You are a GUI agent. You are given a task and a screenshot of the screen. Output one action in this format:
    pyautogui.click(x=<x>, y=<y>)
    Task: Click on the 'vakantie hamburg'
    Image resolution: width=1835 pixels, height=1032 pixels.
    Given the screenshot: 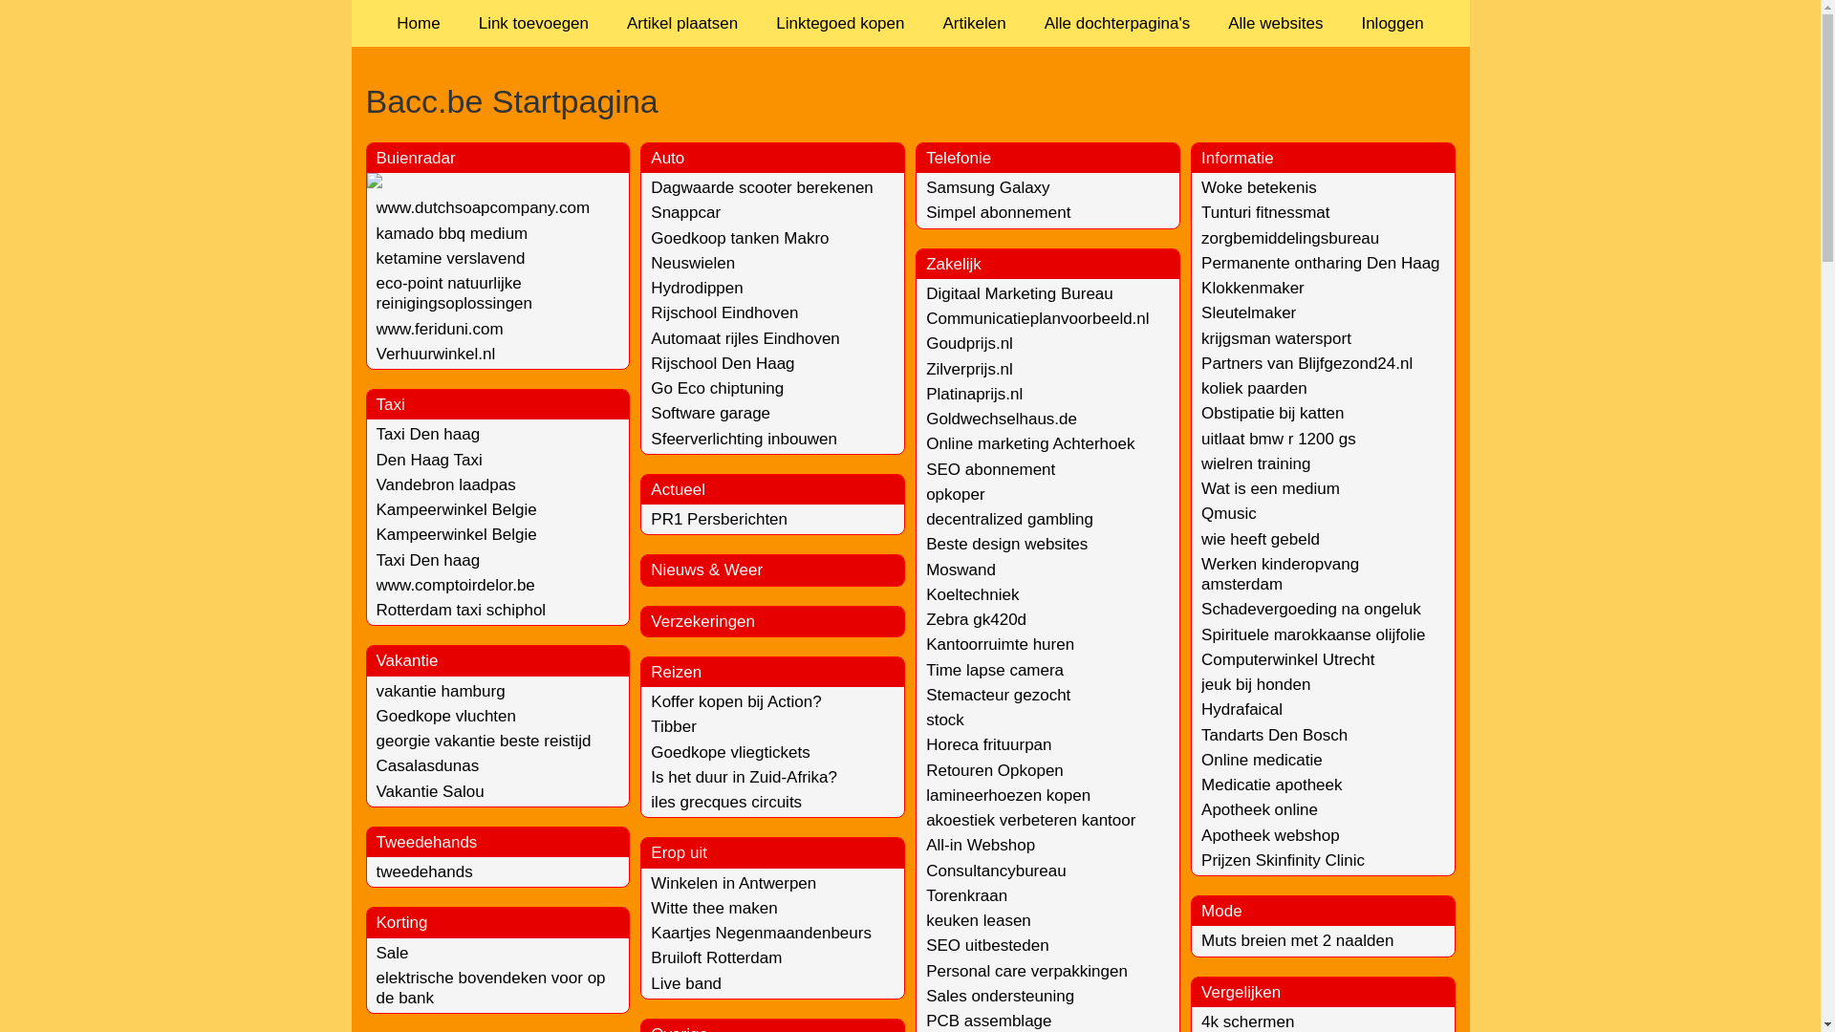 What is the action you would take?
    pyautogui.click(x=440, y=691)
    